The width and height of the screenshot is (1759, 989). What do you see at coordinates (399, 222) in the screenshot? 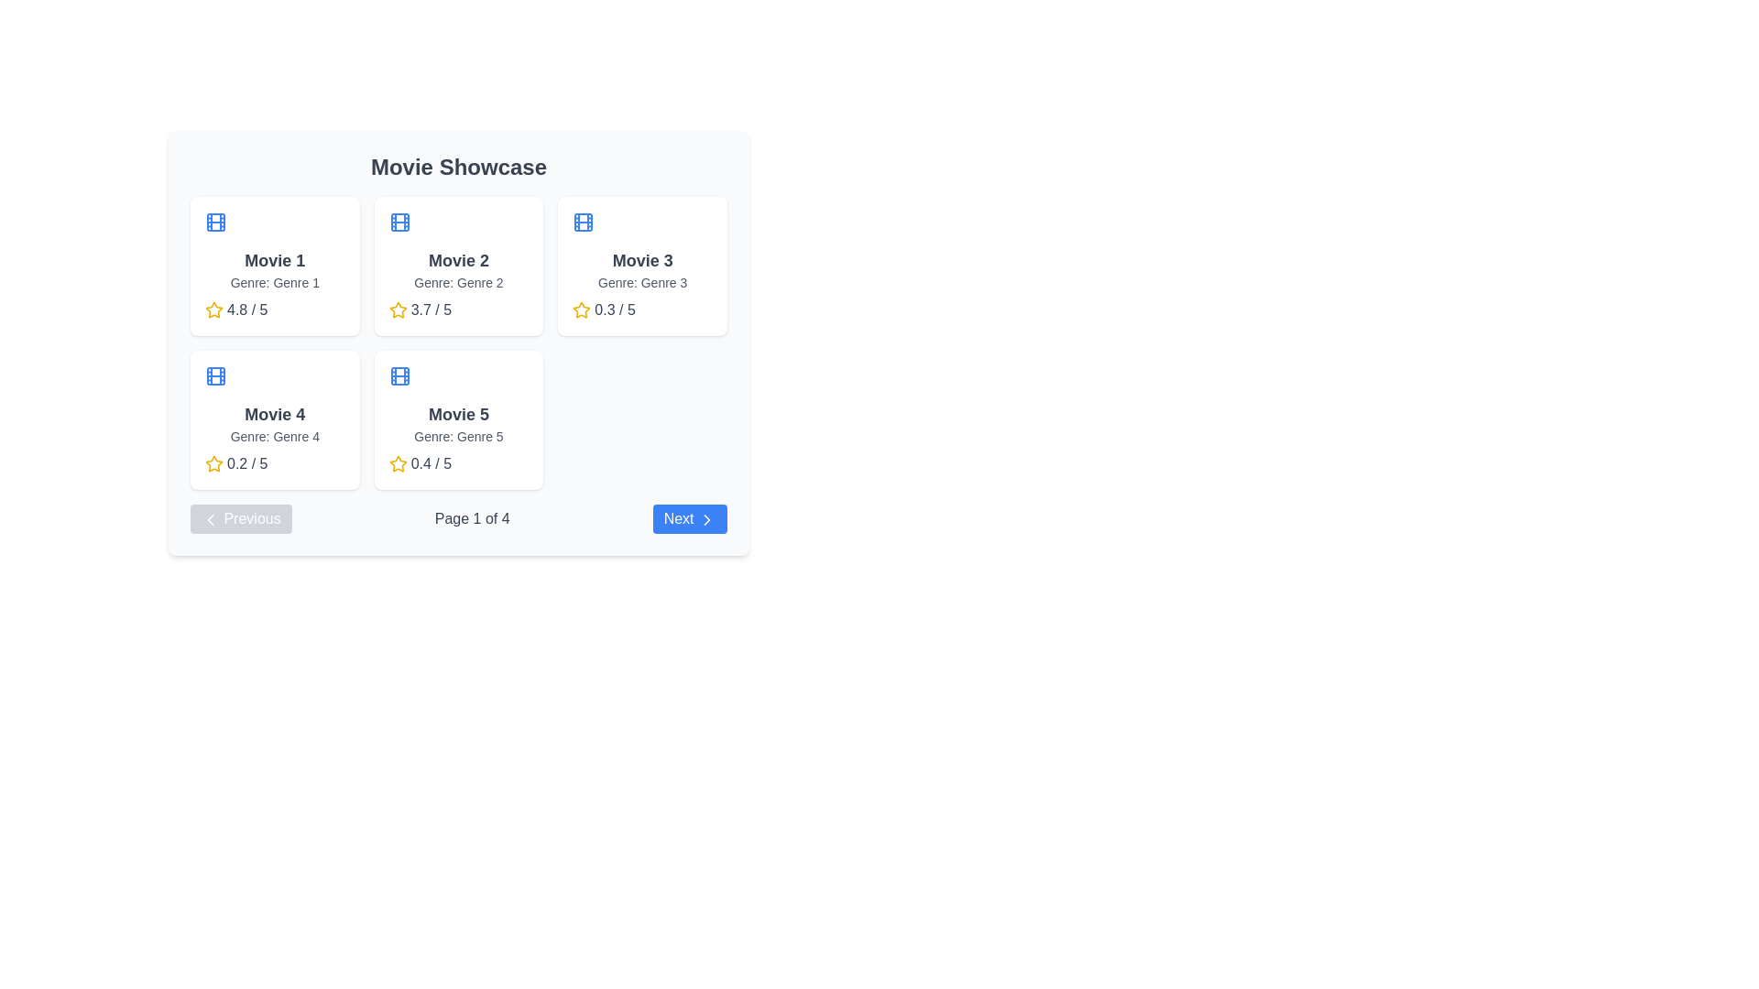
I see `the graphical rectangle element that is part of the movie icon for 'Movie 2', located in the top-left corner of the card` at bounding box center [399, 222].